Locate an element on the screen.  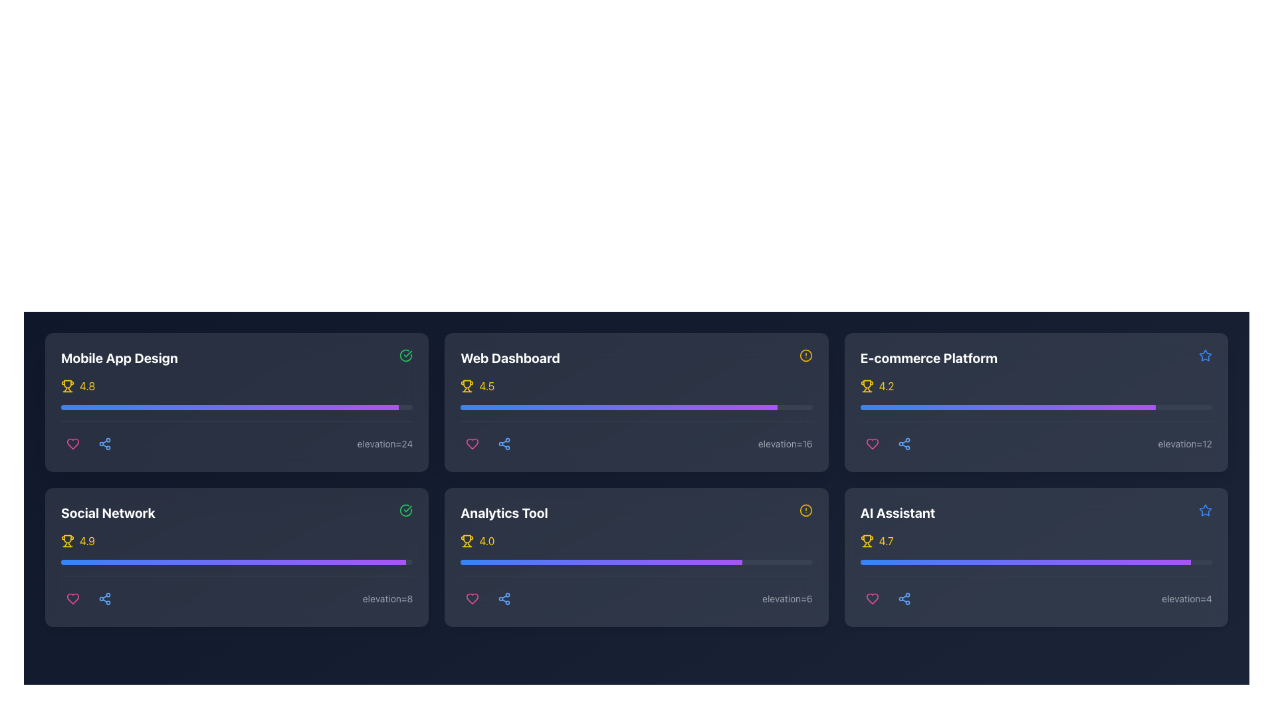
the progress bar located centrally in the 'Analytics Tool' card, positioned below the text '4.0' and above the heart and share icons is located at coordinates (636, 571).